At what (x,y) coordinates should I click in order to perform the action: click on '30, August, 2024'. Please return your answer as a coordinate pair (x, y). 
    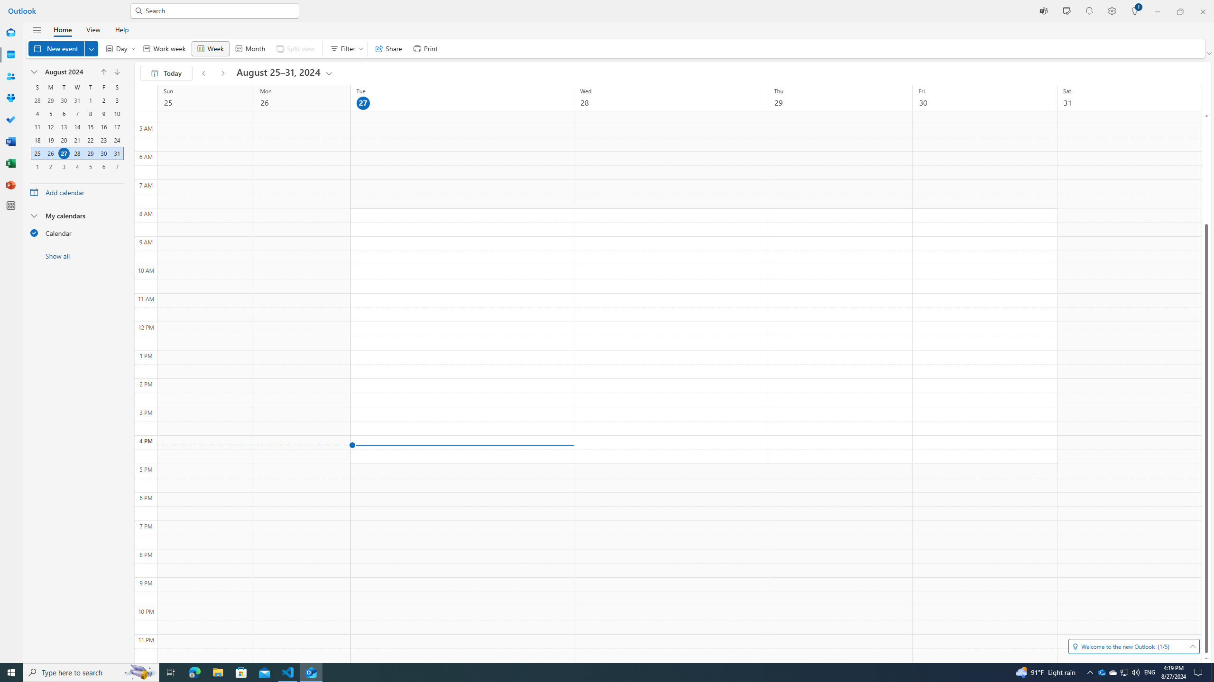
    Looking at the image, I should click on (103, 153).